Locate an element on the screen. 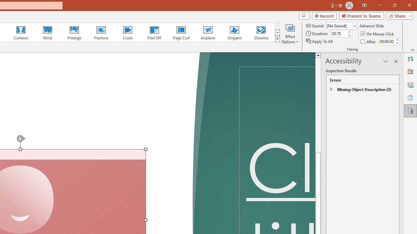 The height and width of the screenshot is (234, 417). 'Page Curl' is located at coordinates (181, 32).